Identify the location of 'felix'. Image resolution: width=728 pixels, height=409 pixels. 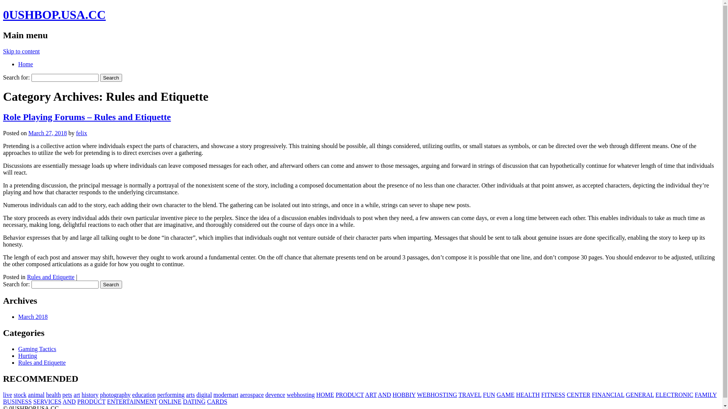
(81, 133).